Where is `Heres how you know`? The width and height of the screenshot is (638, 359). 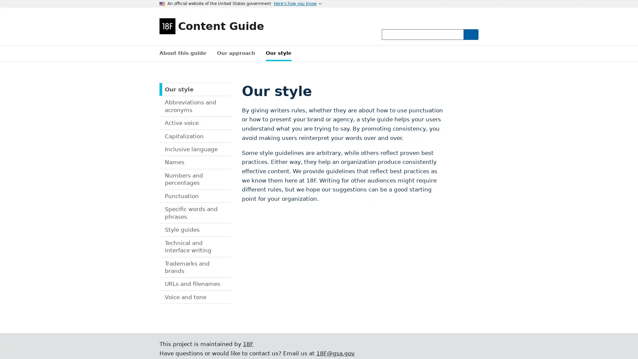
Heres how you know is located at coordinates (297, 4).